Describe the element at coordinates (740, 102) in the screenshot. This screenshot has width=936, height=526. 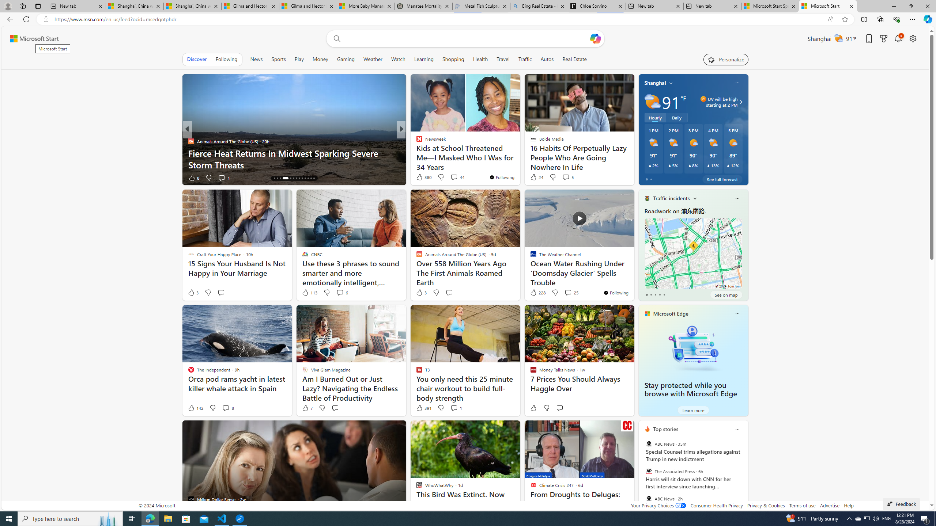
I see `'Class: weather-arrow-glyph'` at that location.